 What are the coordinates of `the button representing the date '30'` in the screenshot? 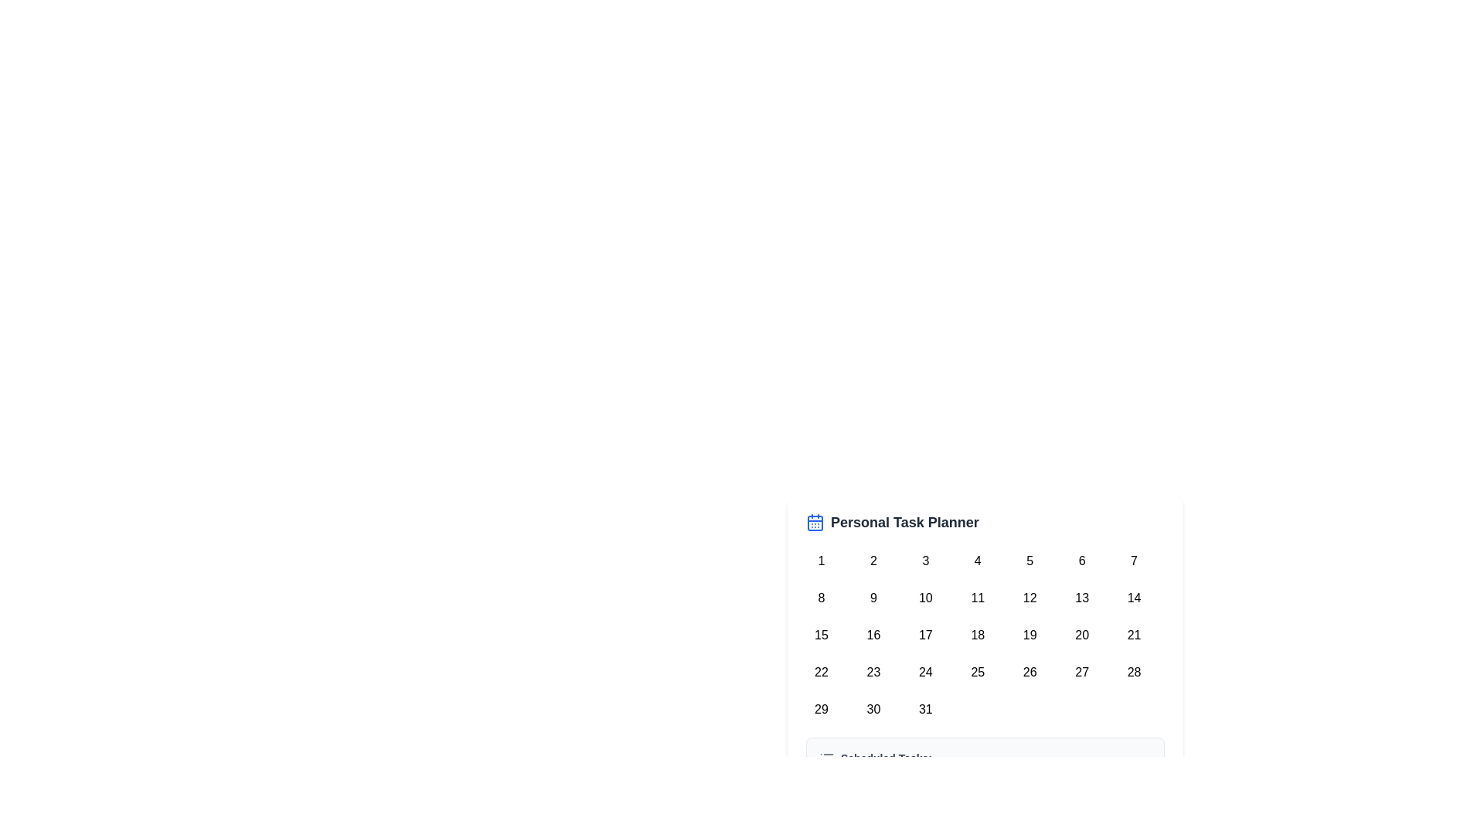 It's located at (873, 710).